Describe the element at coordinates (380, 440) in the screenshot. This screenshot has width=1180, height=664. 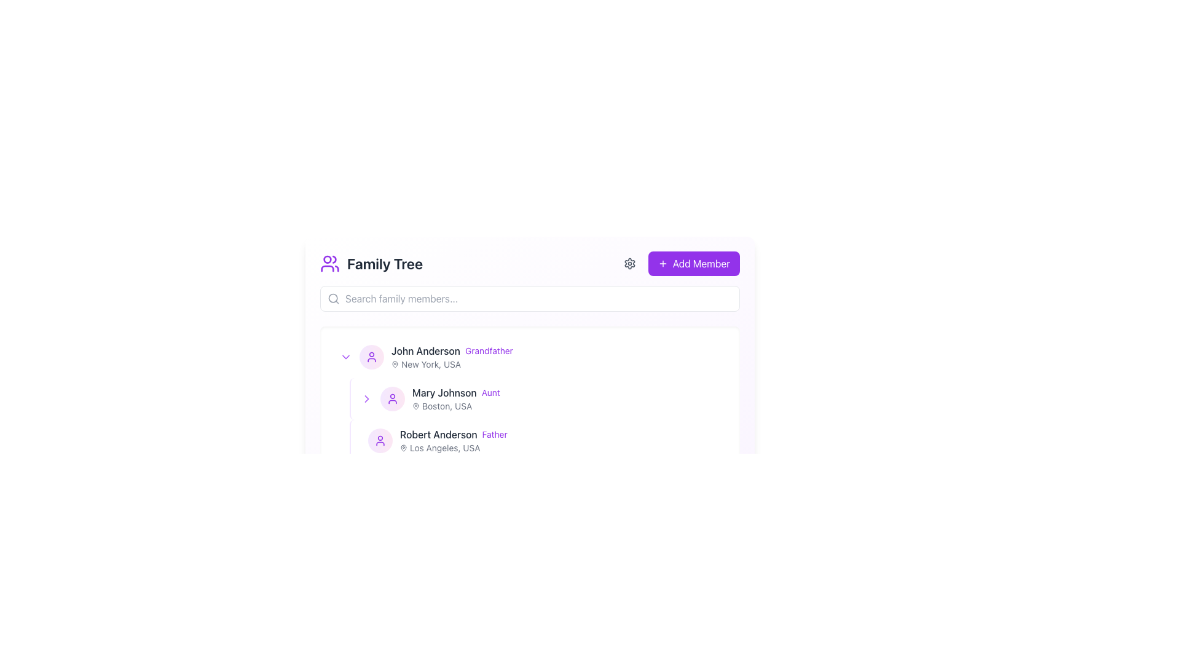
I see `the circular icon with a gradient background transitioning from purple to pink, which features a purple outlined SVG icon of a person, representing the individual named 'Robert Anderson.'` at that location.